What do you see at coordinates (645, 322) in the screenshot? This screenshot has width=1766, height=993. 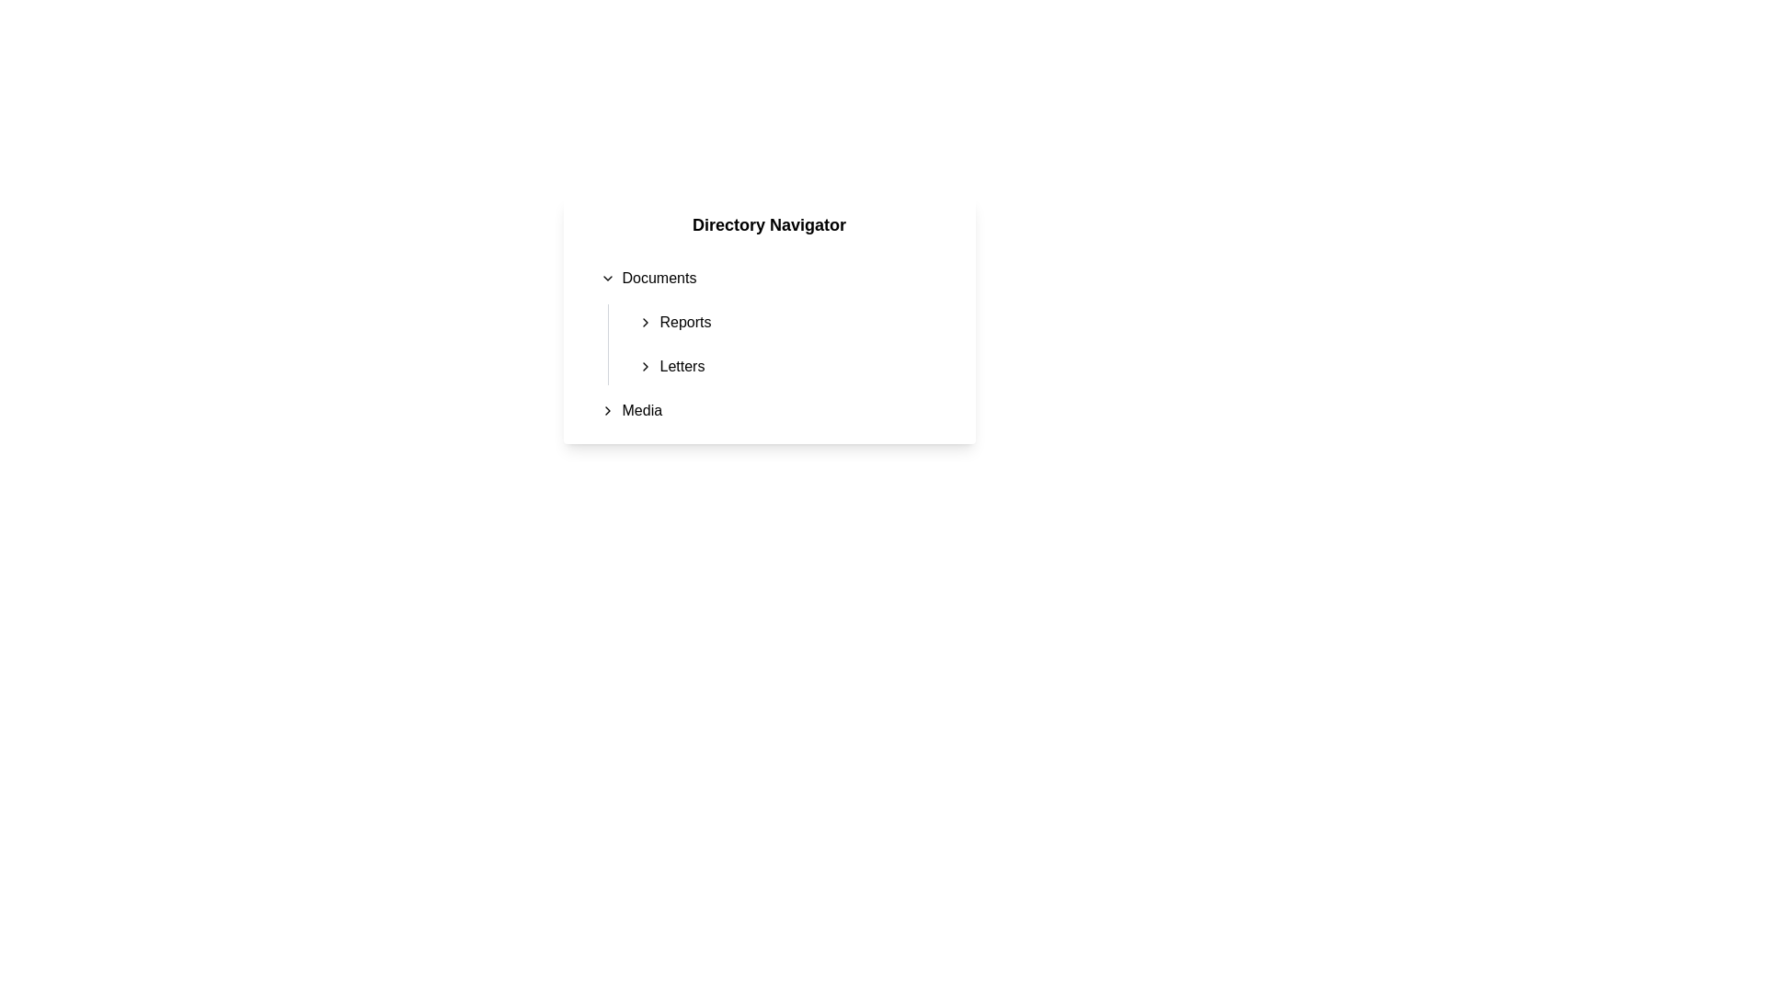 I see `the right-pointing chevron icon located to the left of the 'Reports' text` at bounding box center [645, 322].